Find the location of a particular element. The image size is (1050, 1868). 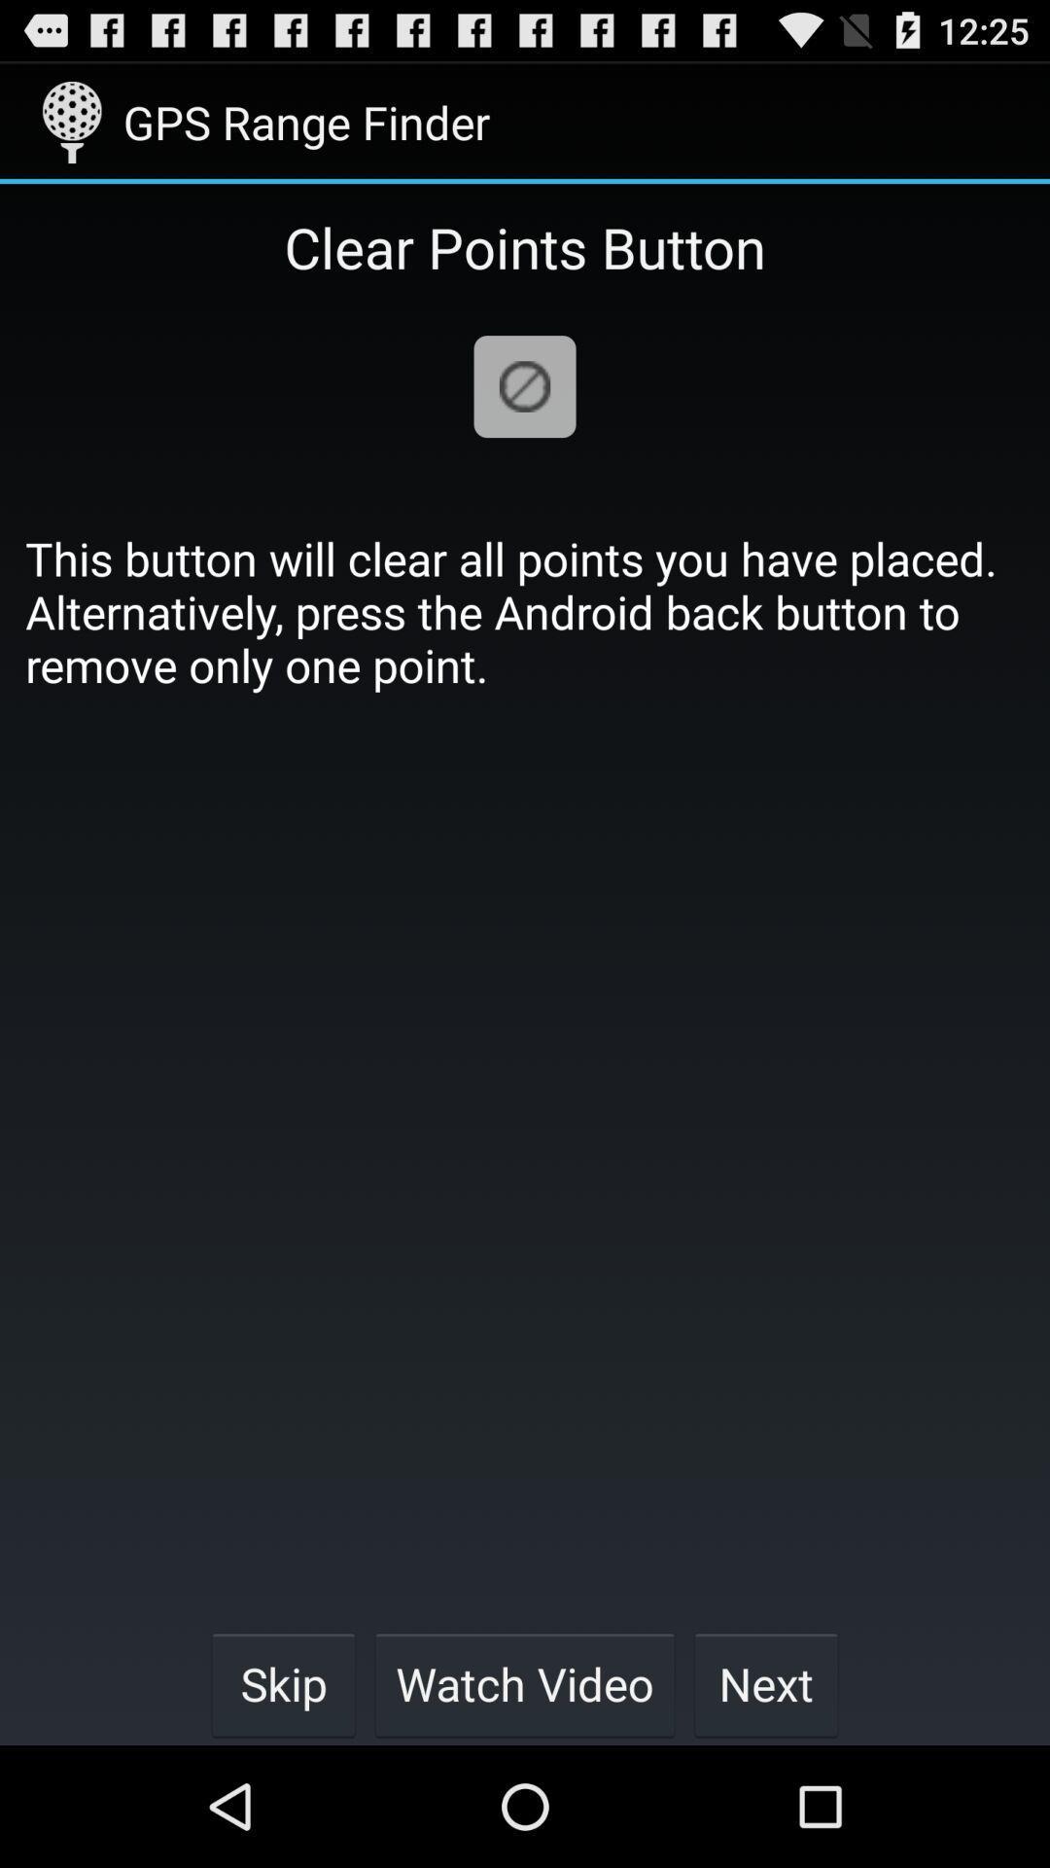

the icon below this button will item is located at coordinates (283, 1683).